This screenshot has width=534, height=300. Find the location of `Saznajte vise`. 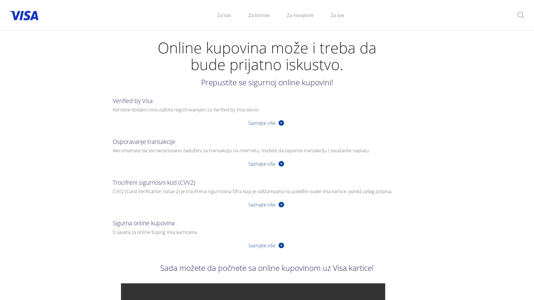

Saznajte vise is located at coordinates (266, 245).